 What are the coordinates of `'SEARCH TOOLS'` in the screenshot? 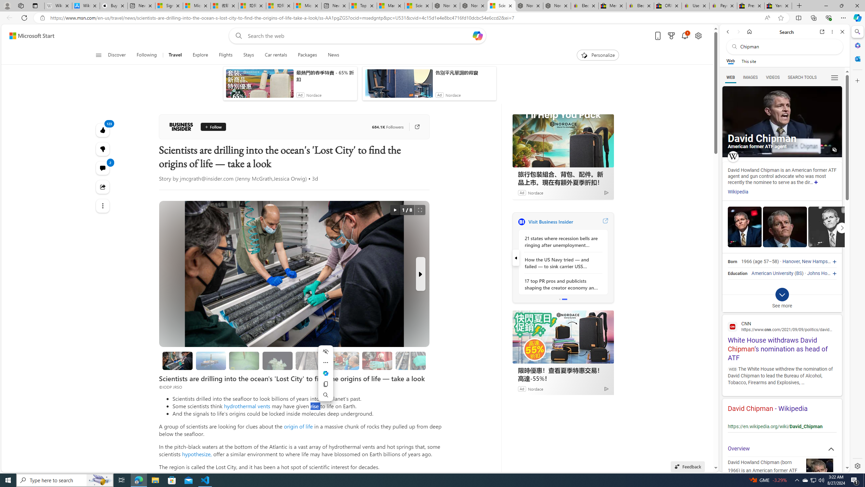 It's located at (802, 77).